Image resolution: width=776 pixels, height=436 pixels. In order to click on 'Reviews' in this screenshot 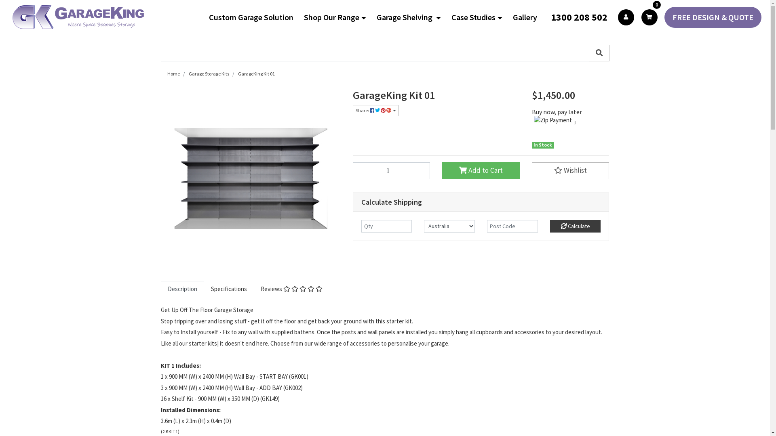, I will do `click(291, 289)`.